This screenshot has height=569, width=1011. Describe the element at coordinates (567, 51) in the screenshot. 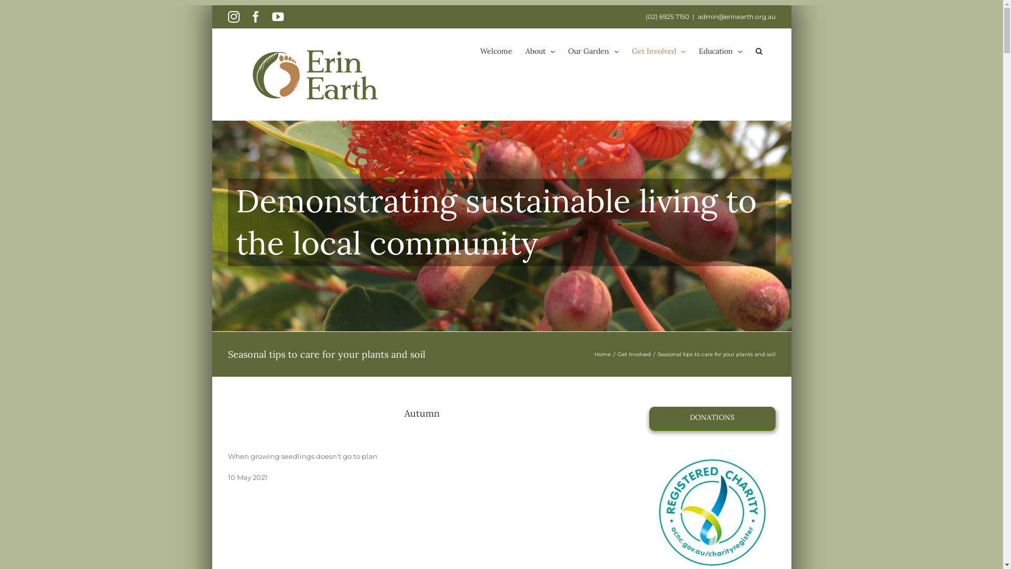

I see `'Our Garden'` at that location.